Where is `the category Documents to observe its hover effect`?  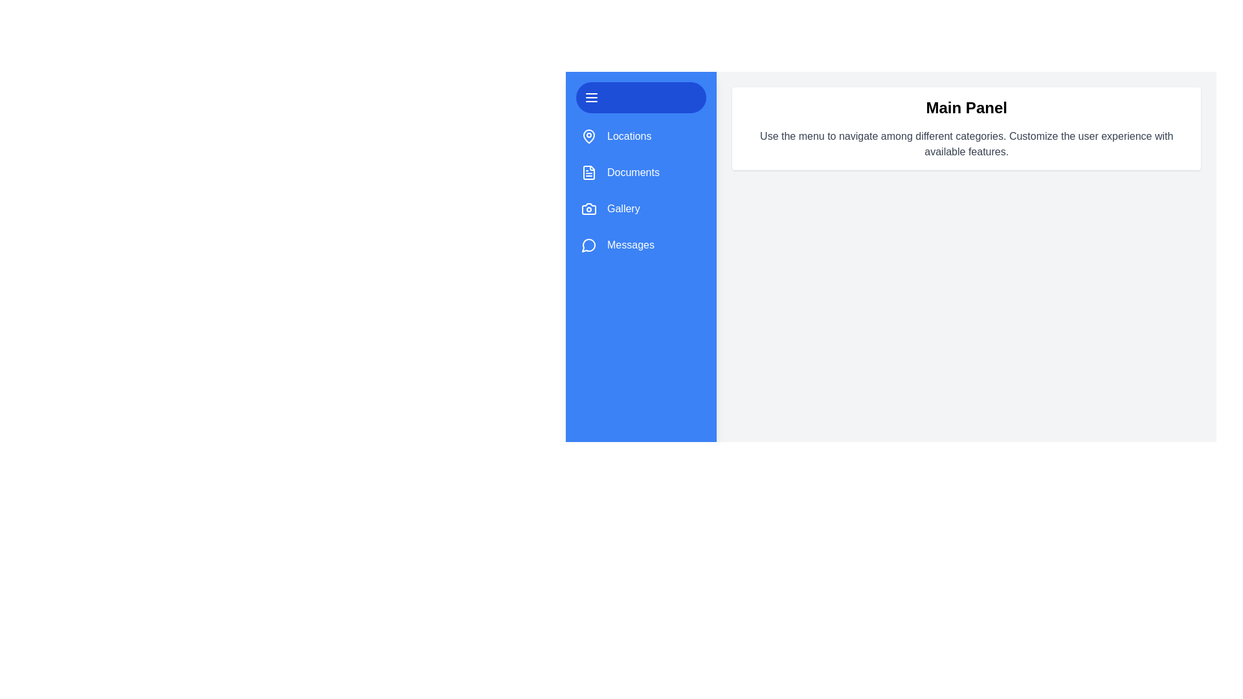 the category Documents to observe its hover effect is located at coordinates (640, 172).